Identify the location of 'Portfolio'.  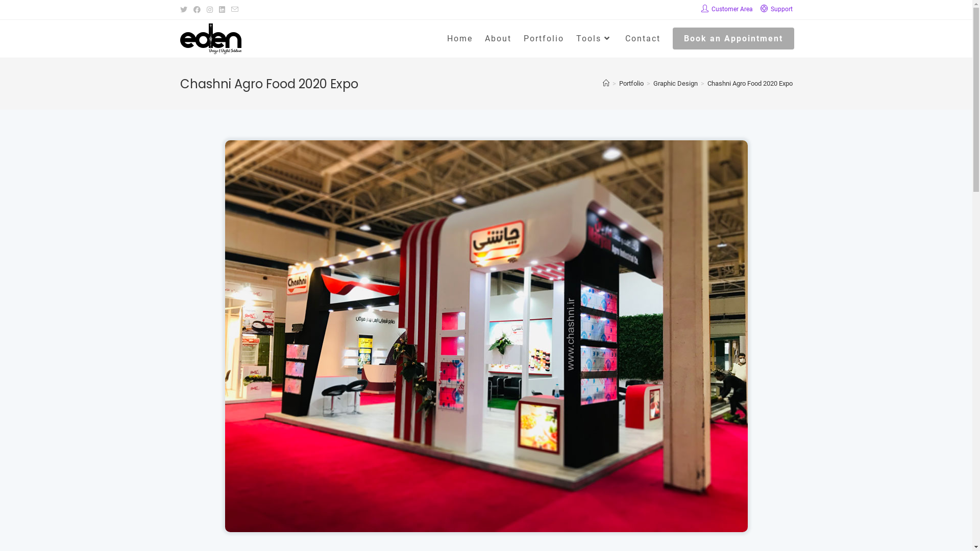
(543, 38).